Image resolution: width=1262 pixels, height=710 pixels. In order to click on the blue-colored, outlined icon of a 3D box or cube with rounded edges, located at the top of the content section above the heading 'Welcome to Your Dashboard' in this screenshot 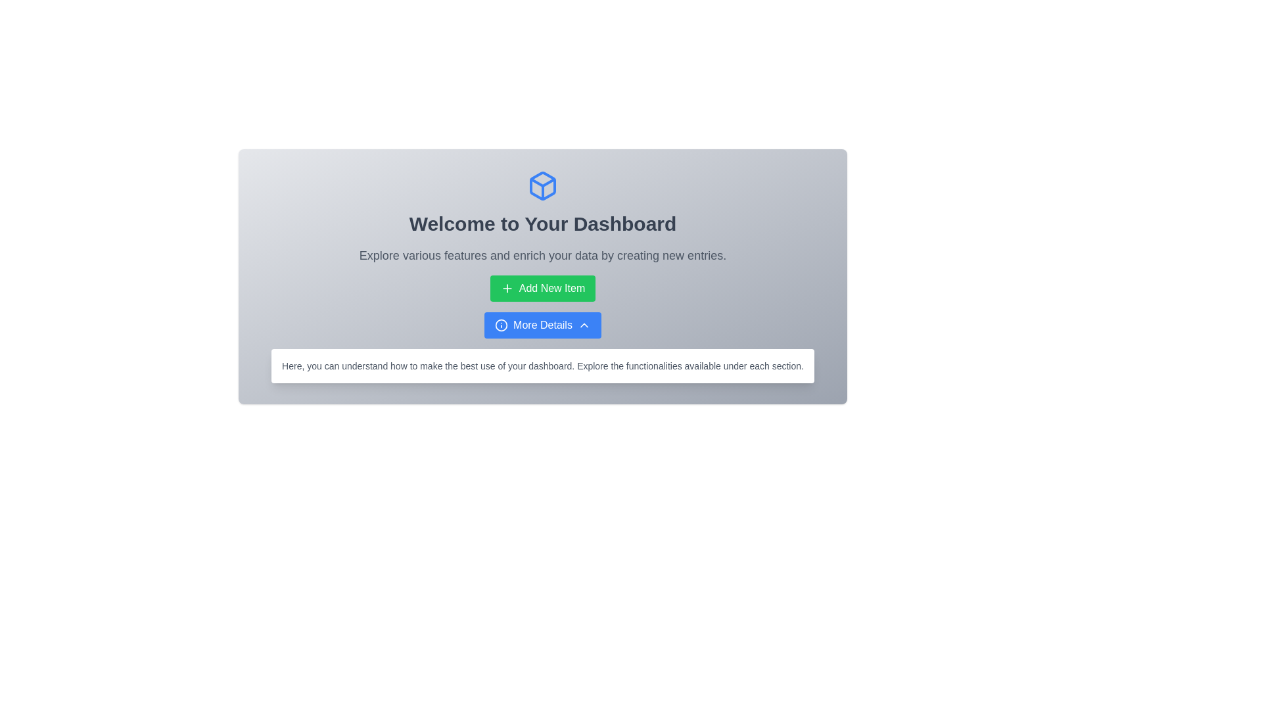, I will do `click(542, 185)`.